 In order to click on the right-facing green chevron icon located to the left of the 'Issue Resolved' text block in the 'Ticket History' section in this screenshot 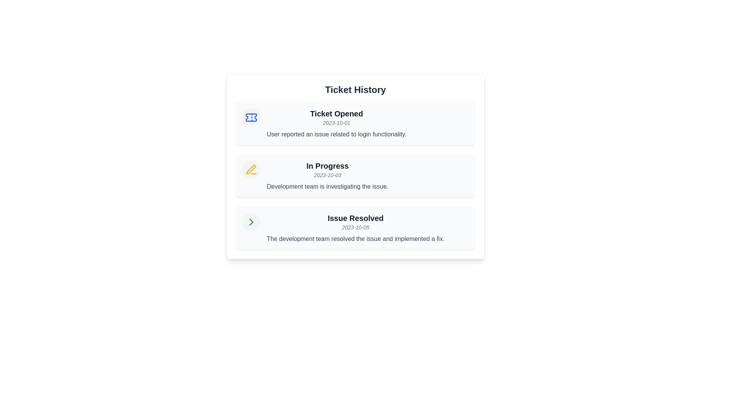, I will do `click(251, 222)`.